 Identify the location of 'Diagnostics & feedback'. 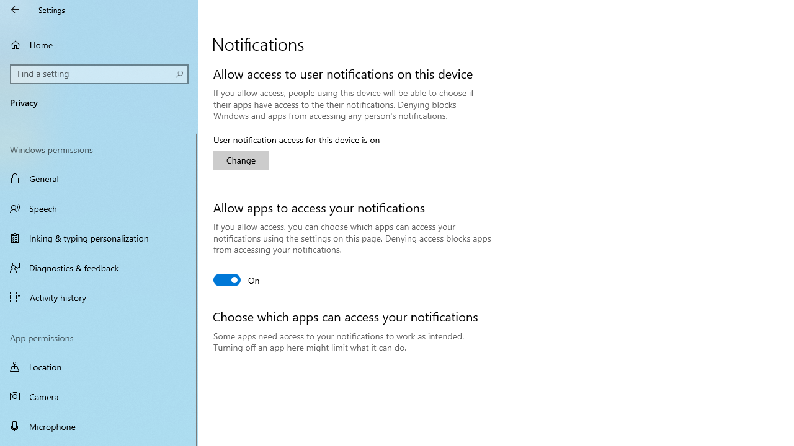
(99, 267).